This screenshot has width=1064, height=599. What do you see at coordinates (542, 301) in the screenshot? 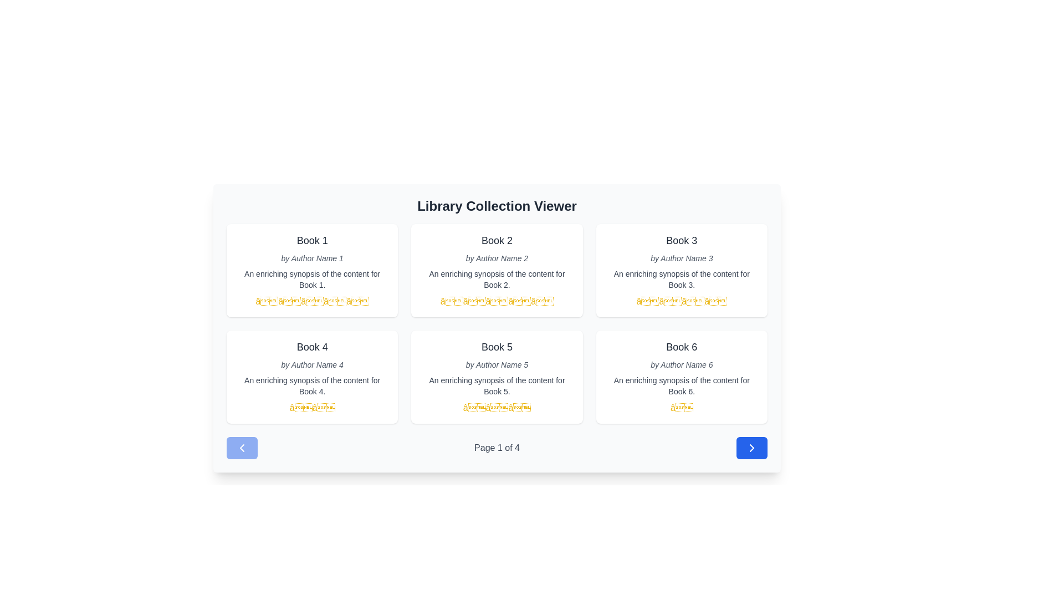
I see `visual representation of the last yellow star in the row of five stars below the 'Book 2' section in the library collection` at bounding box center [542, 301].